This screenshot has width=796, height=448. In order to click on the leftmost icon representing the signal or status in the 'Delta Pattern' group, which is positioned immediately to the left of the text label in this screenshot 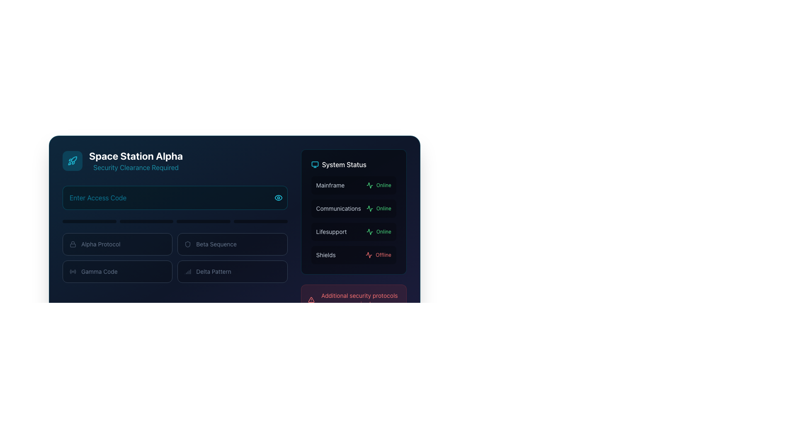, I will do `click(187, 272)`.